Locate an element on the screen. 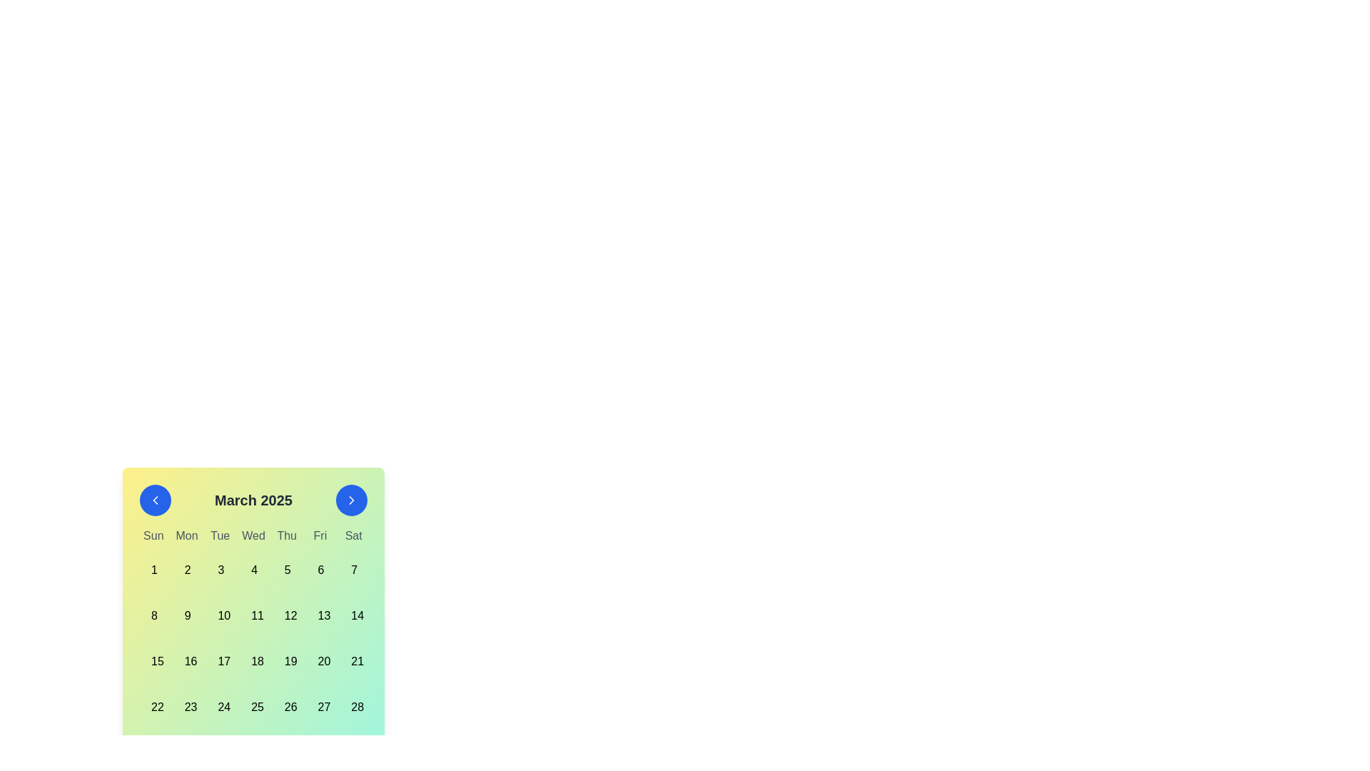 The width and height of the screenshot is (1370, 771). the text label that reads 'Tue', which is styled with medium font weight and gray color, located between 'Mon' and 'Wed' in the row of weekday labels is located at coordinates (219, 536).